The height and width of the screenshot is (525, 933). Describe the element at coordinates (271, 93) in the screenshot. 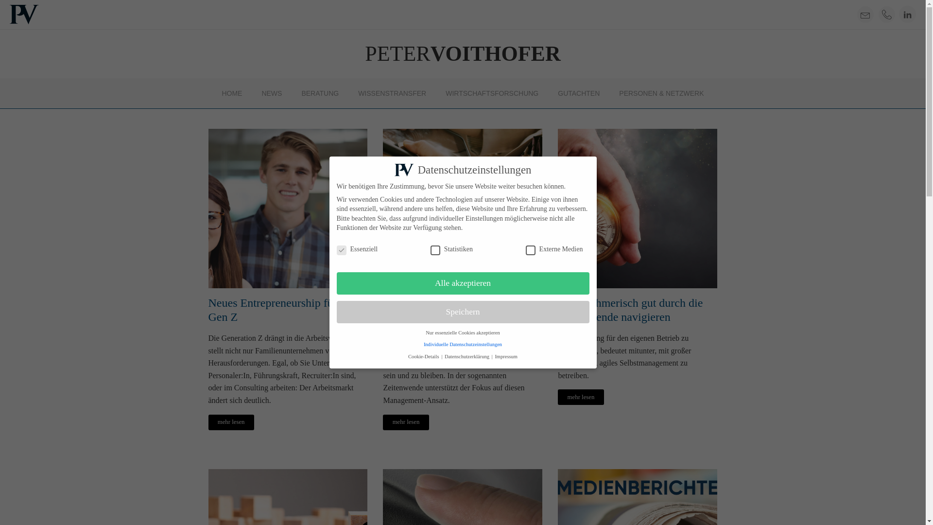

I see `'NEWS'` at that location.